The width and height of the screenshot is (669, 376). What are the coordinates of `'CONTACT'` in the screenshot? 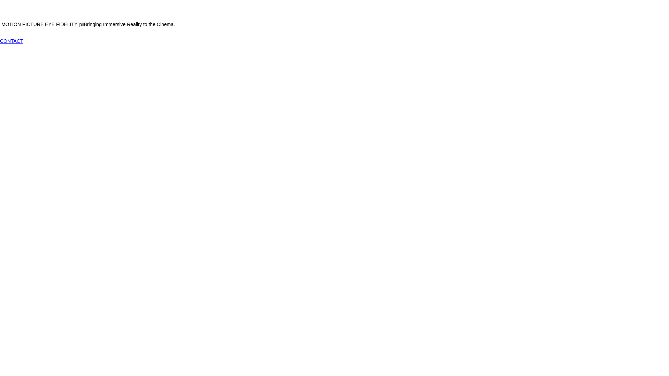 It's located at (11, 41).